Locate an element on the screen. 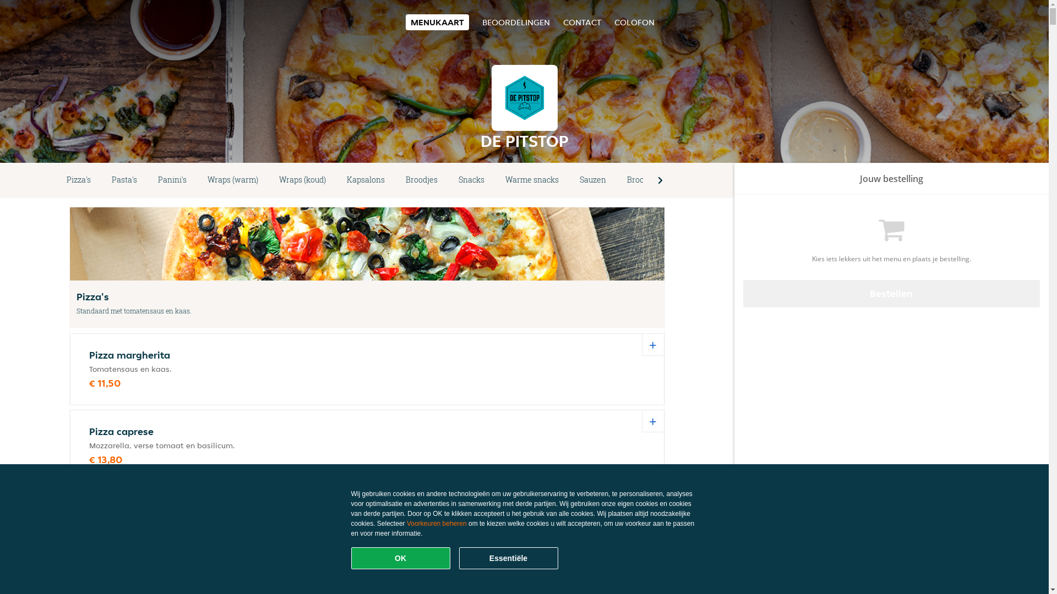  'Wraps (warm)' is located at coordinates (197, 179).